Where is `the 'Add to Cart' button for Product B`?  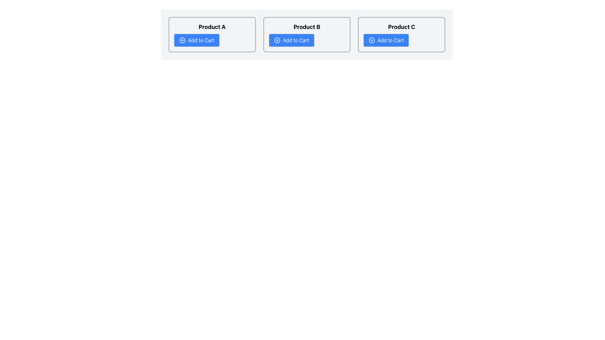
the 'Add to Cart' button for Product B is located at coordinates (291, 40).